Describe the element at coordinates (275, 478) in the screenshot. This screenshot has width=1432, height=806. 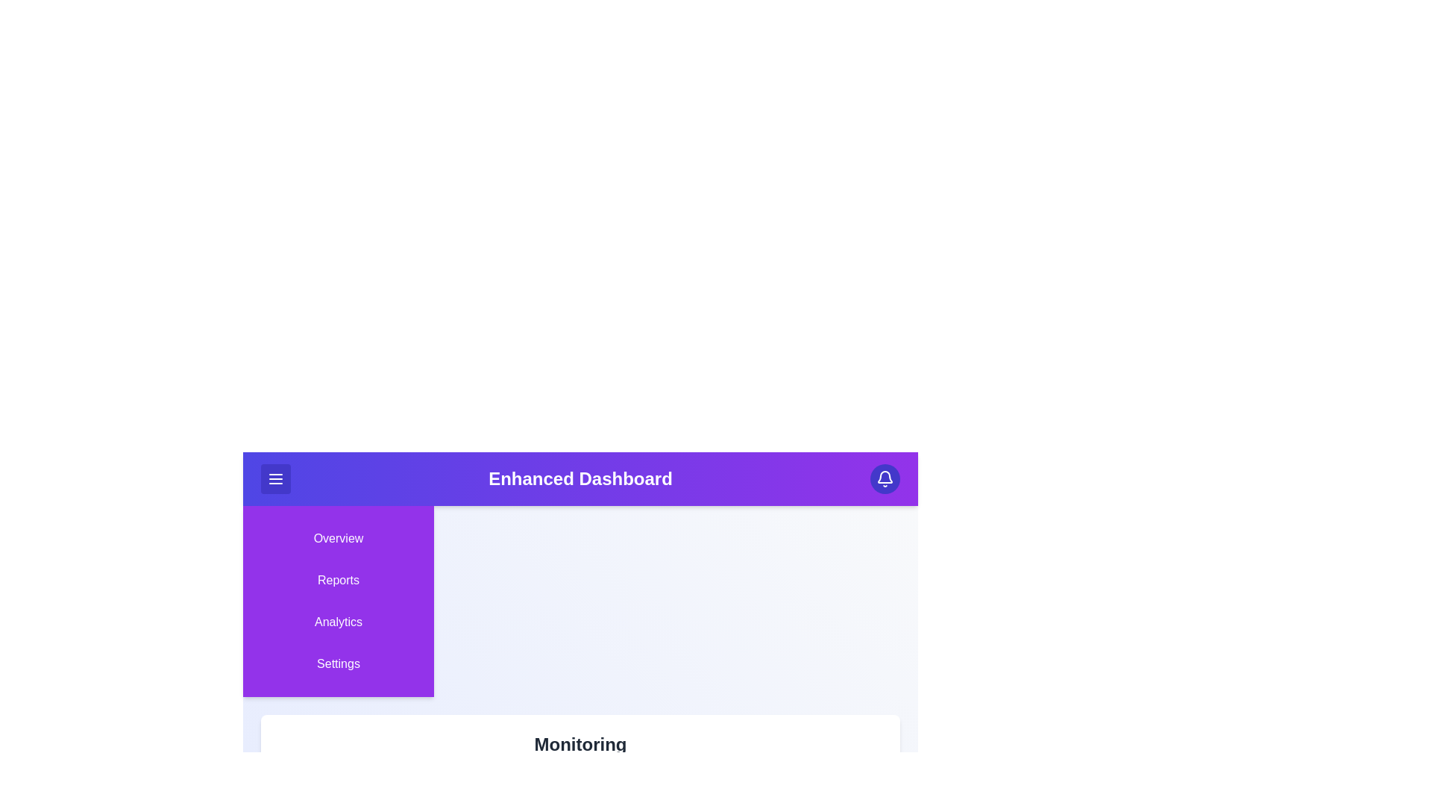
I see `button with the menu icon to toggle the sidebar visibility` at that location.